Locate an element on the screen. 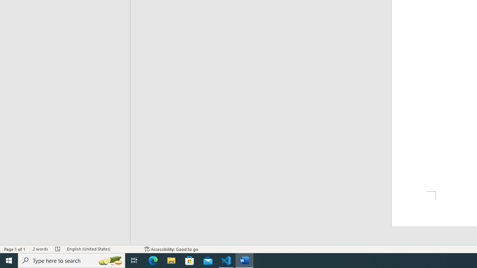 The height and width of the screenshot is (268, 477). 'Page Number Page 1 of 1' is located at coordinates (15, 249).